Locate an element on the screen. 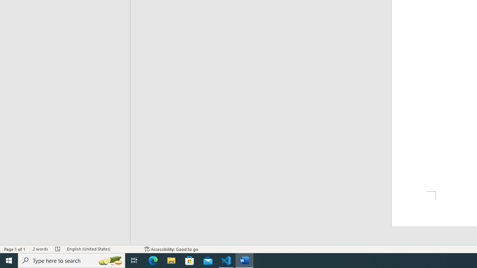 The height and width of the screenshot is (268, 477). 'Page Number Page 1 of 1' is located at coordinates (15, 249).